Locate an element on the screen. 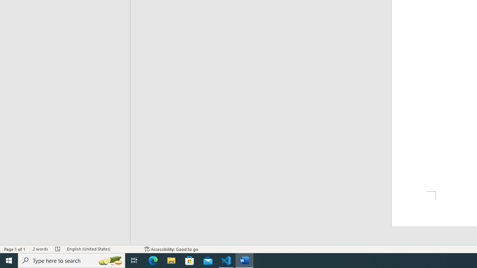 The height and width of the screenshot is (268, 477). 'Page Number Page 1 of 1' is located at coordinates (15, 249).